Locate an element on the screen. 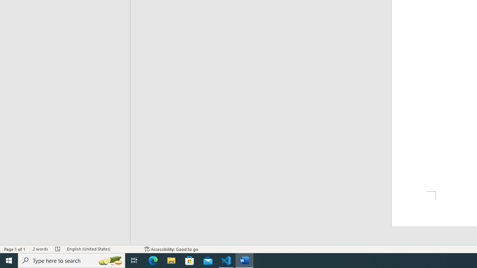 The height and width of the screenshot is (268, 477). 'Page Number Page 1 of 1' is located at coordinates (15, 249).